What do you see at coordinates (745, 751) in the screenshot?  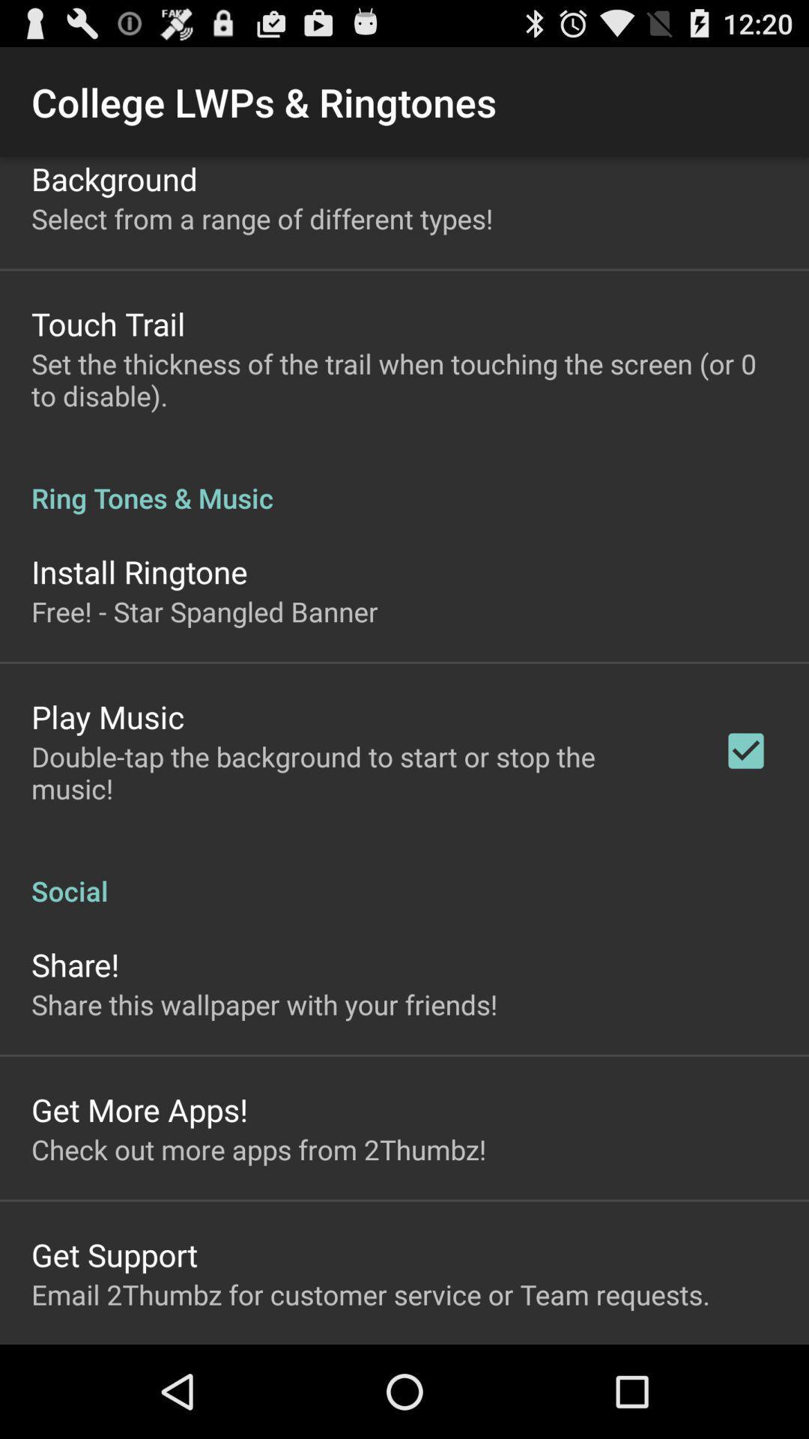 I see `the app next to the double tap the icon` at bounding box center [745, 751].